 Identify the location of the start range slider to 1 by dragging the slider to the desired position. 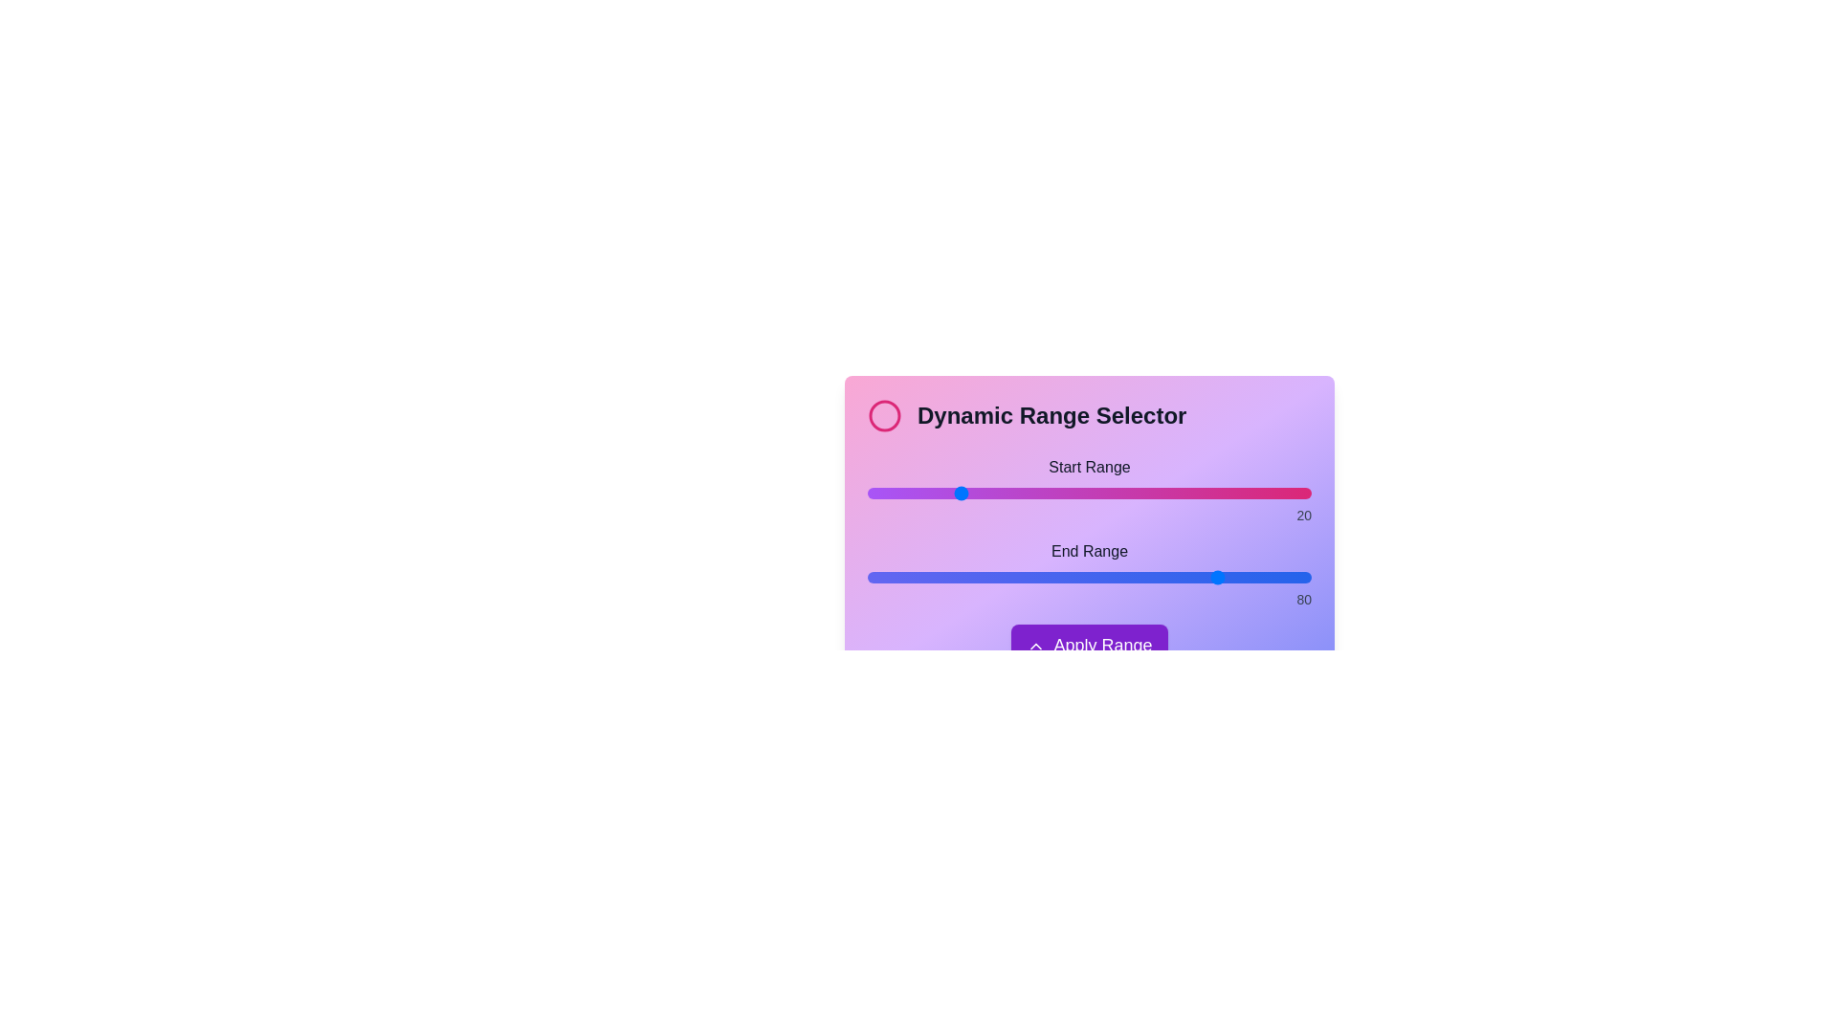
(871, 493).